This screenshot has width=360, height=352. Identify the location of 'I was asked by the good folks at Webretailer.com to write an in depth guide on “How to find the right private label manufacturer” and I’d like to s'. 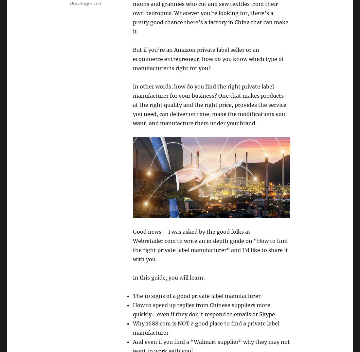
(133, 240).